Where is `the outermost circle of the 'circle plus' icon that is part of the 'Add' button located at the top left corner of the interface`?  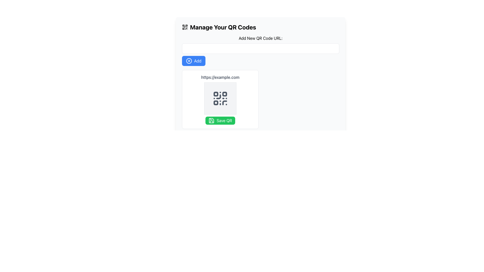
the outermost circle of the 'circle plus' icon that is part of the 'Add' button located at the top left corner of the interface is located at coordinates (189, 61).